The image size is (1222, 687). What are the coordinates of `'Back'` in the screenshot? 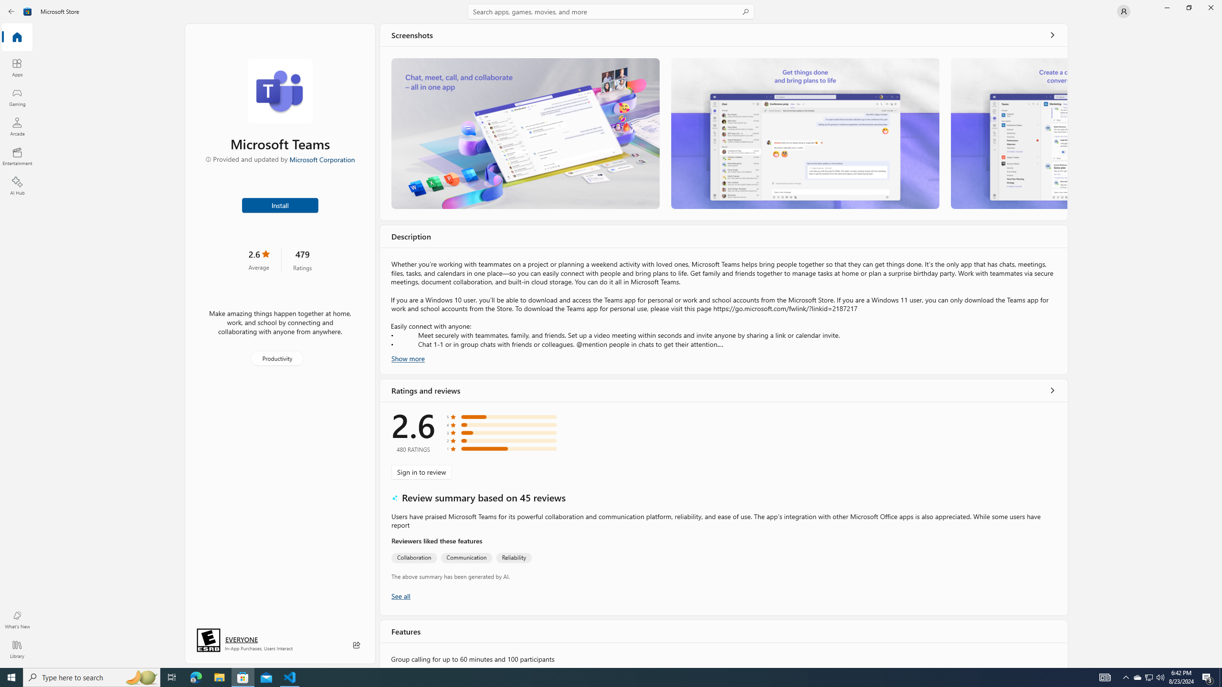 It's located at (11, 10).